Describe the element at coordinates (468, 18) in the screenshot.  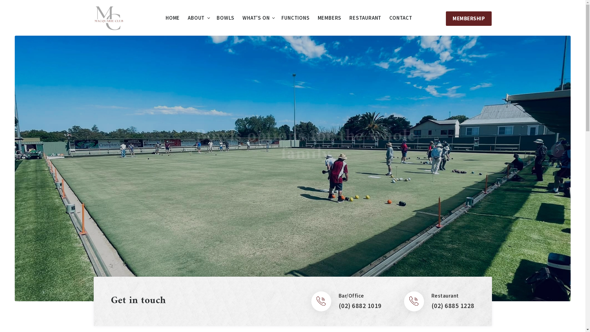
I see `'MEMBERSHIP'` at that location.